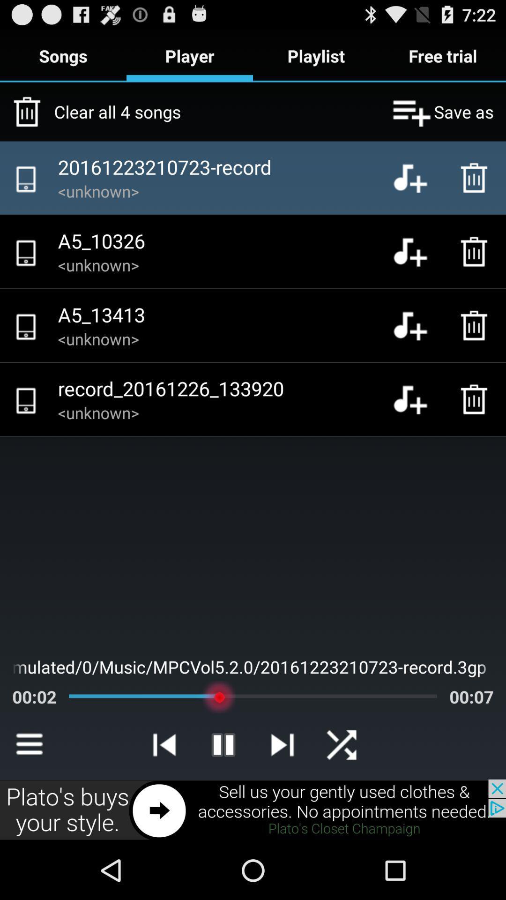 Image resolution: width=506 pixels, height=900 pixels. I want to click on delete icon, so click(476, 178).